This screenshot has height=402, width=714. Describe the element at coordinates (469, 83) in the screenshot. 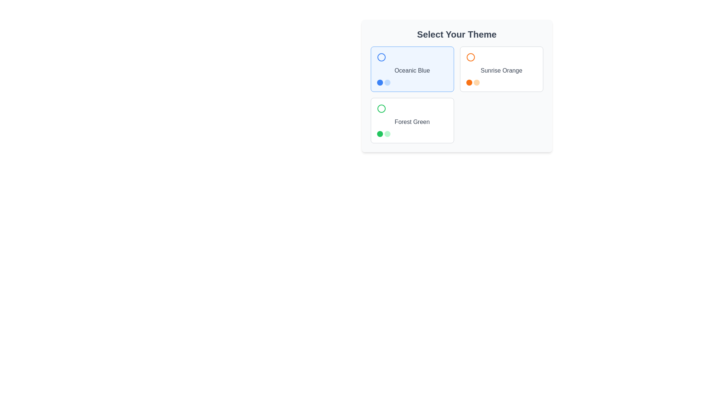

I see `the first circular orange indicator located below the 'Sunrise Orange' theme selection area` at that location.